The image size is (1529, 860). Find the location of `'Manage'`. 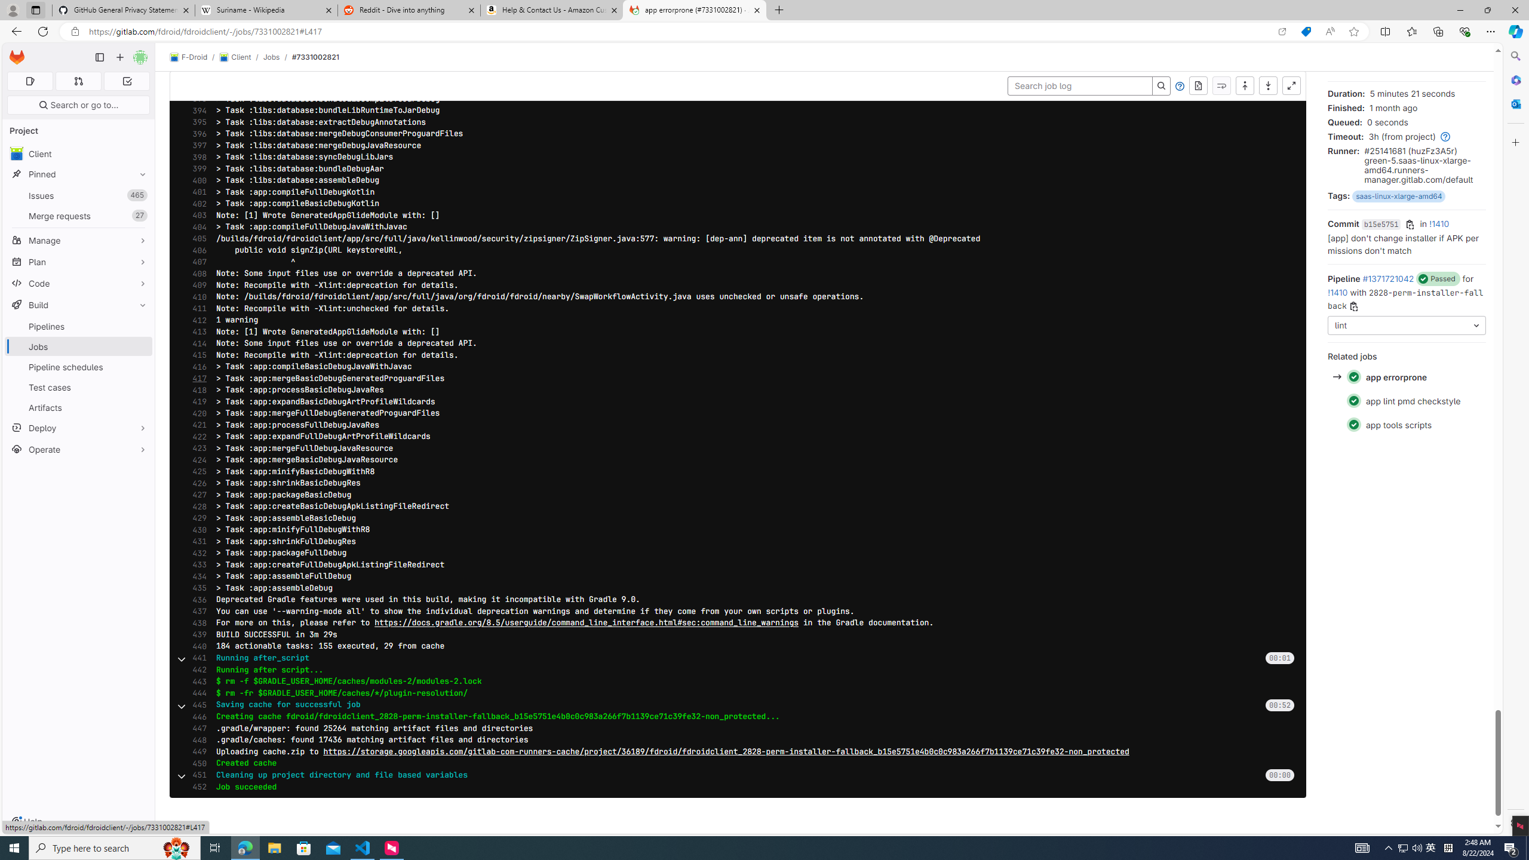

'Manage' is located at coordinates (78, 240).